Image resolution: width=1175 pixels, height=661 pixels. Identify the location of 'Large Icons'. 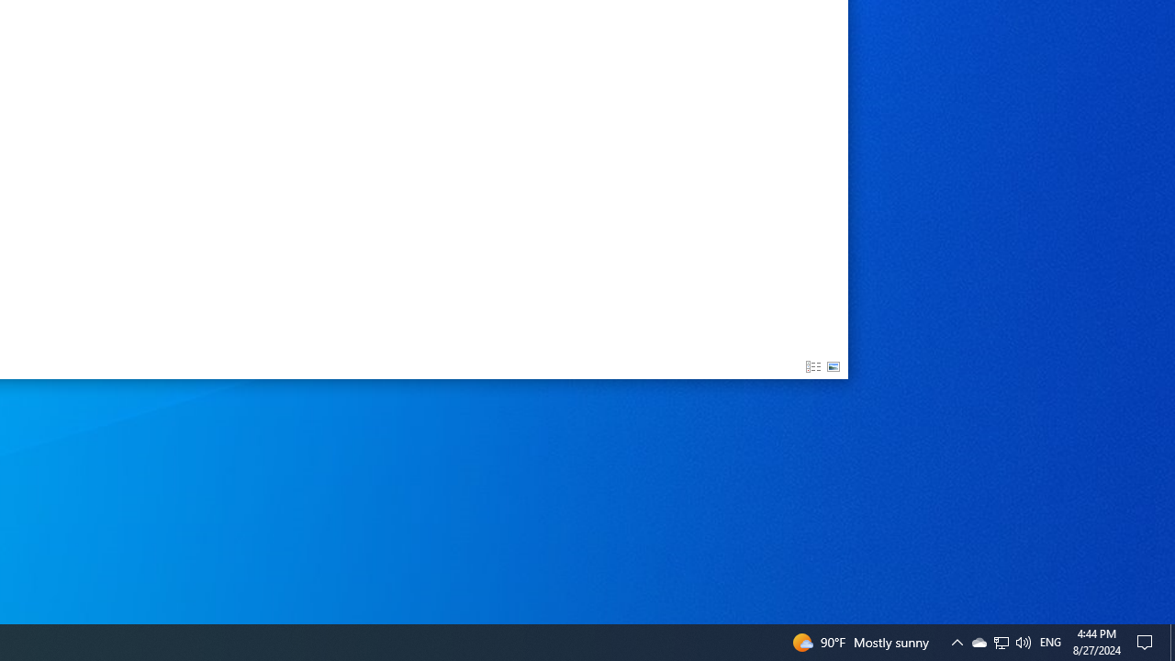
(833, 367).